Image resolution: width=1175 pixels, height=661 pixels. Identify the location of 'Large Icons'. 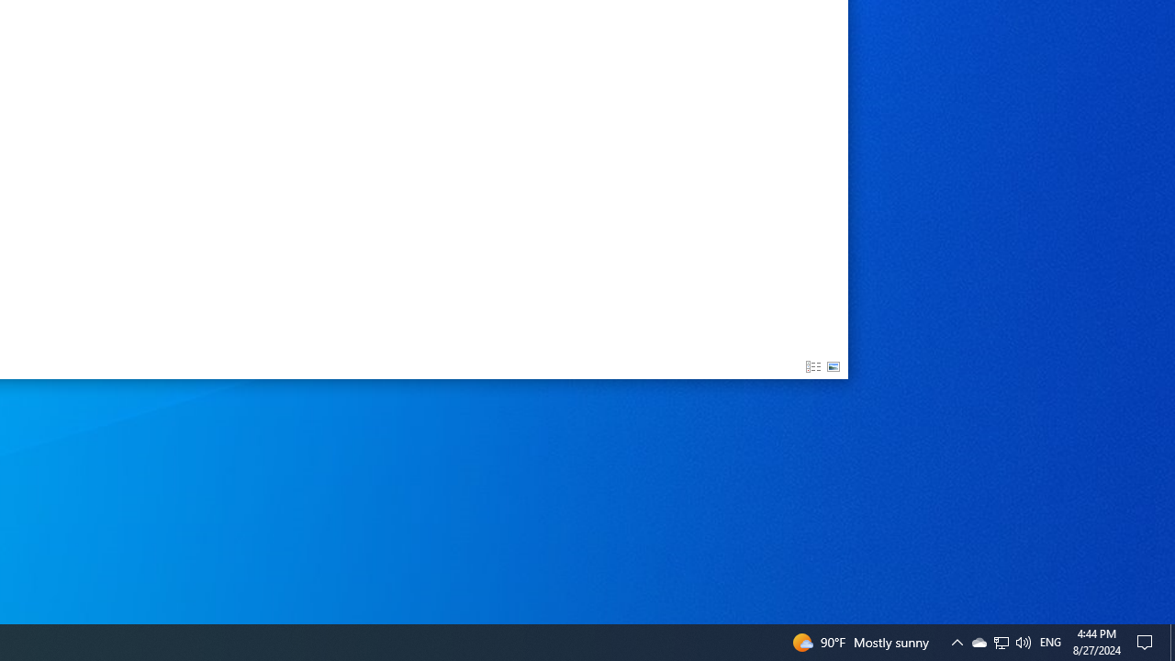
(833, 367).